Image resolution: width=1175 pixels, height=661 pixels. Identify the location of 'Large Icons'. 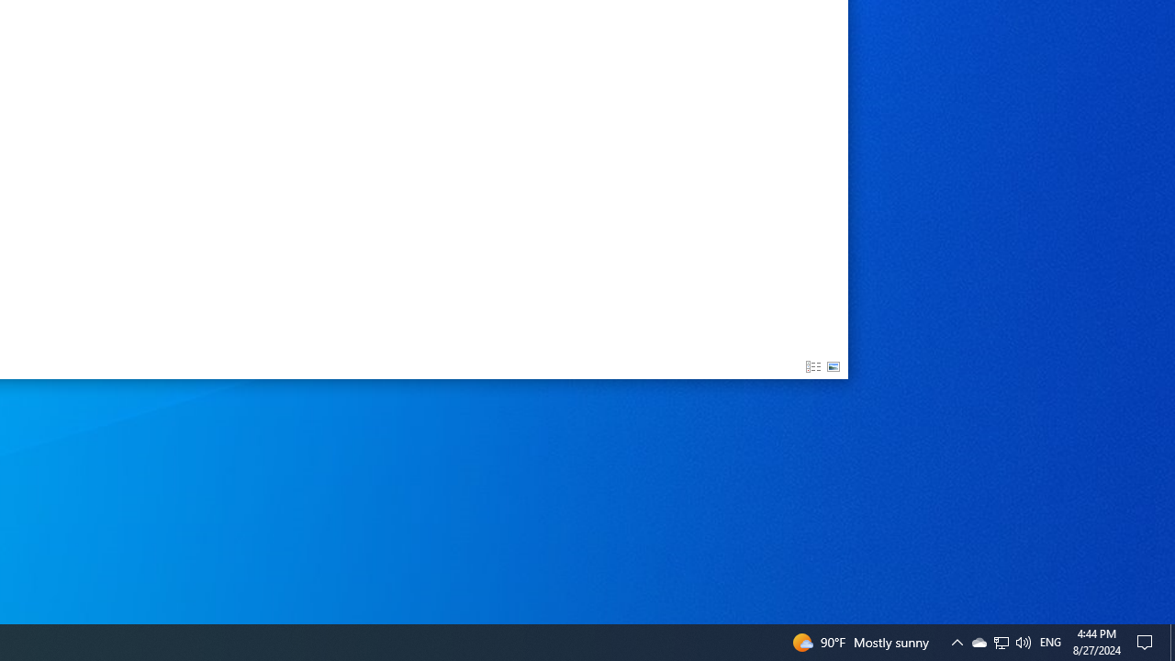
(833, 367).